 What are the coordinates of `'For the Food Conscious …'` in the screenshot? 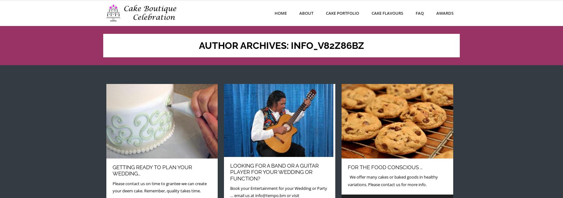 It's located at (348, 167).